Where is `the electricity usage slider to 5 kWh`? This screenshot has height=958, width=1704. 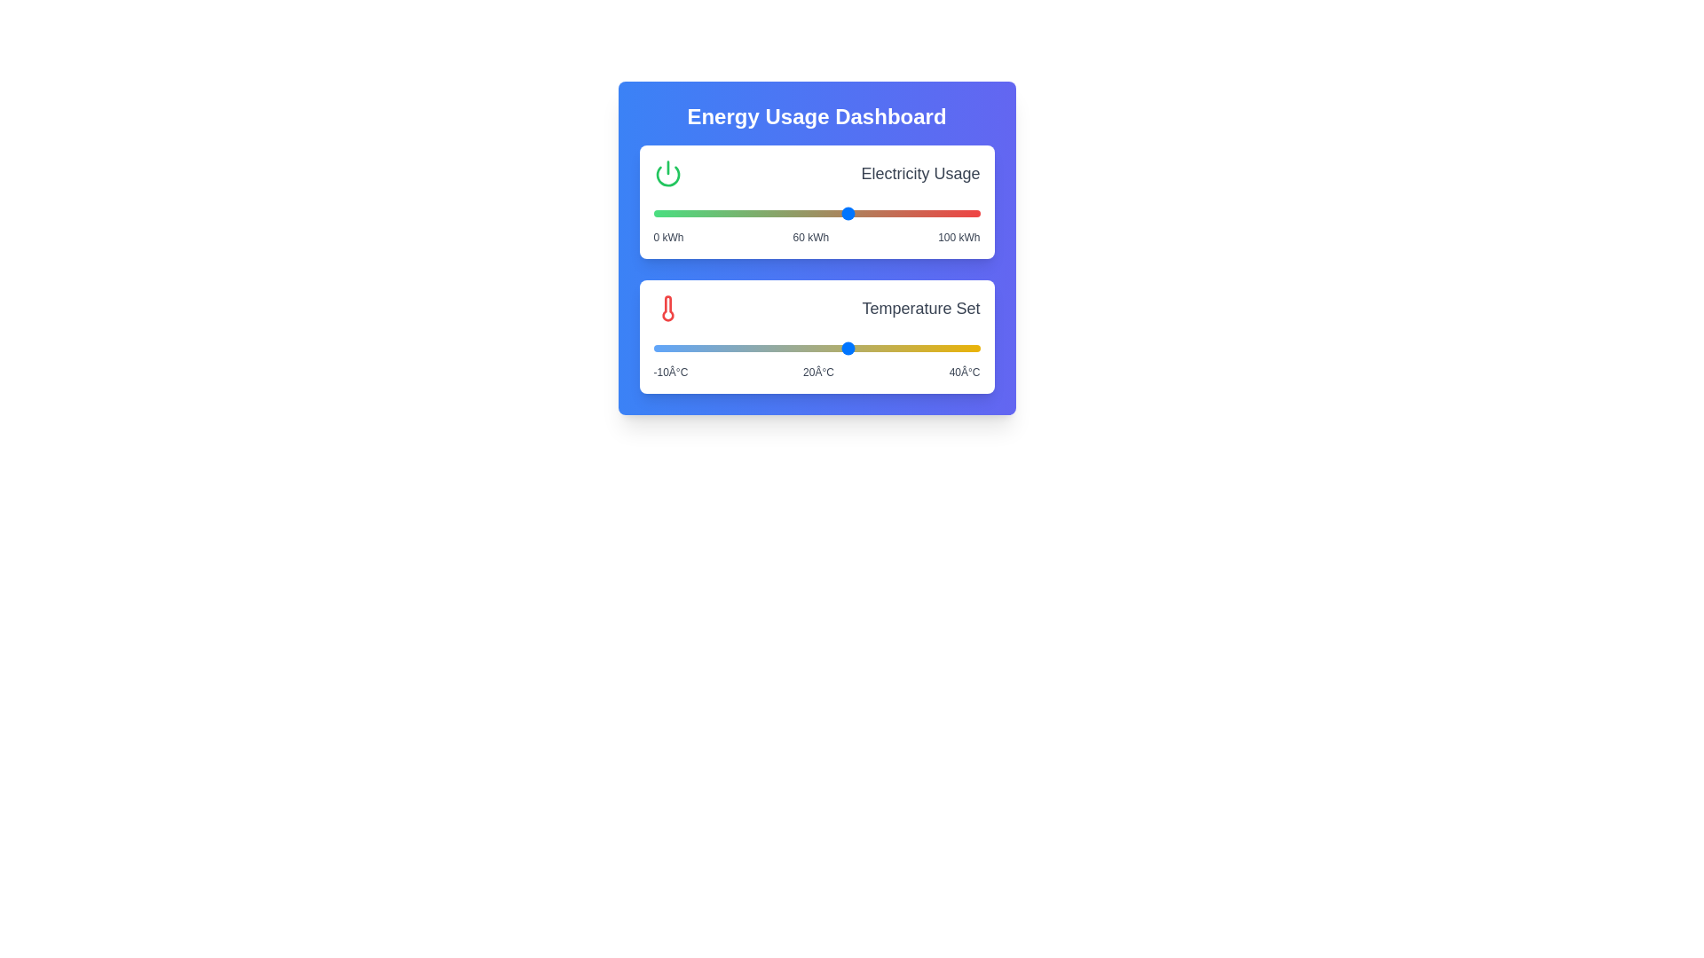 the electricity usage slider to 5 kWh is located at coordinates (668, 212).